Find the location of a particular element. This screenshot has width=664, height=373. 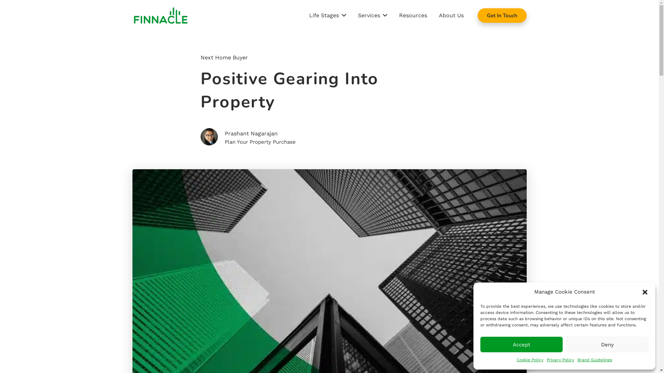

'Services' is located at coordinates (372, 16).